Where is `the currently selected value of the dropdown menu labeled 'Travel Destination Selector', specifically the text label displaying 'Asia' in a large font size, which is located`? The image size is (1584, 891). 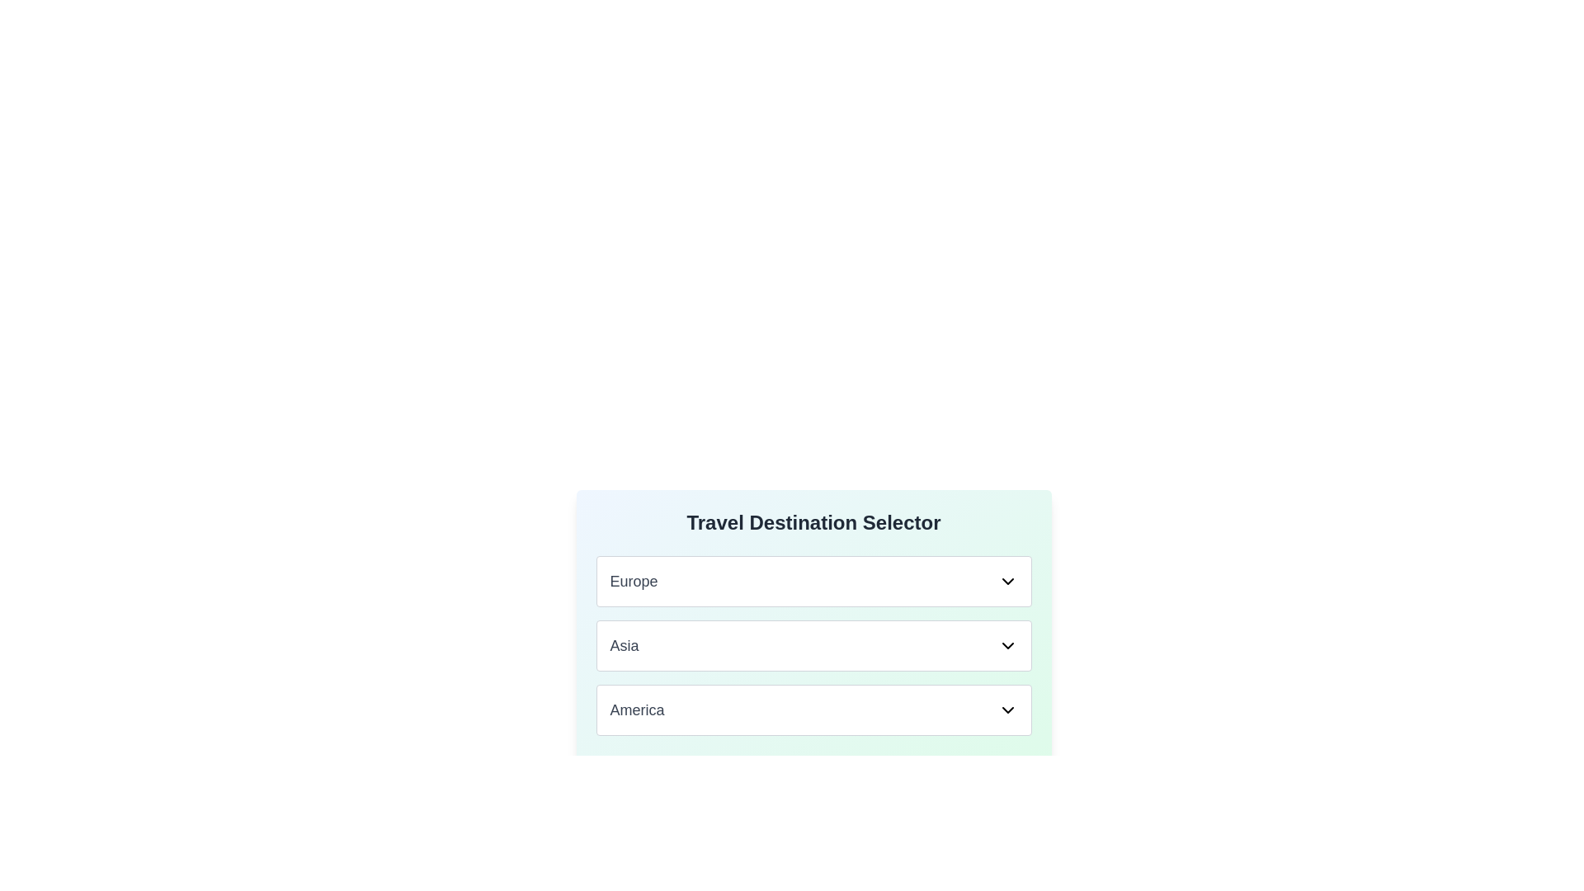
the currently selected value of the dropdown menu labeled 'Travel Destination Selector', specifically the text label displaying 'Asia' in a large font size, which is located is located at coordinates (624, 645).